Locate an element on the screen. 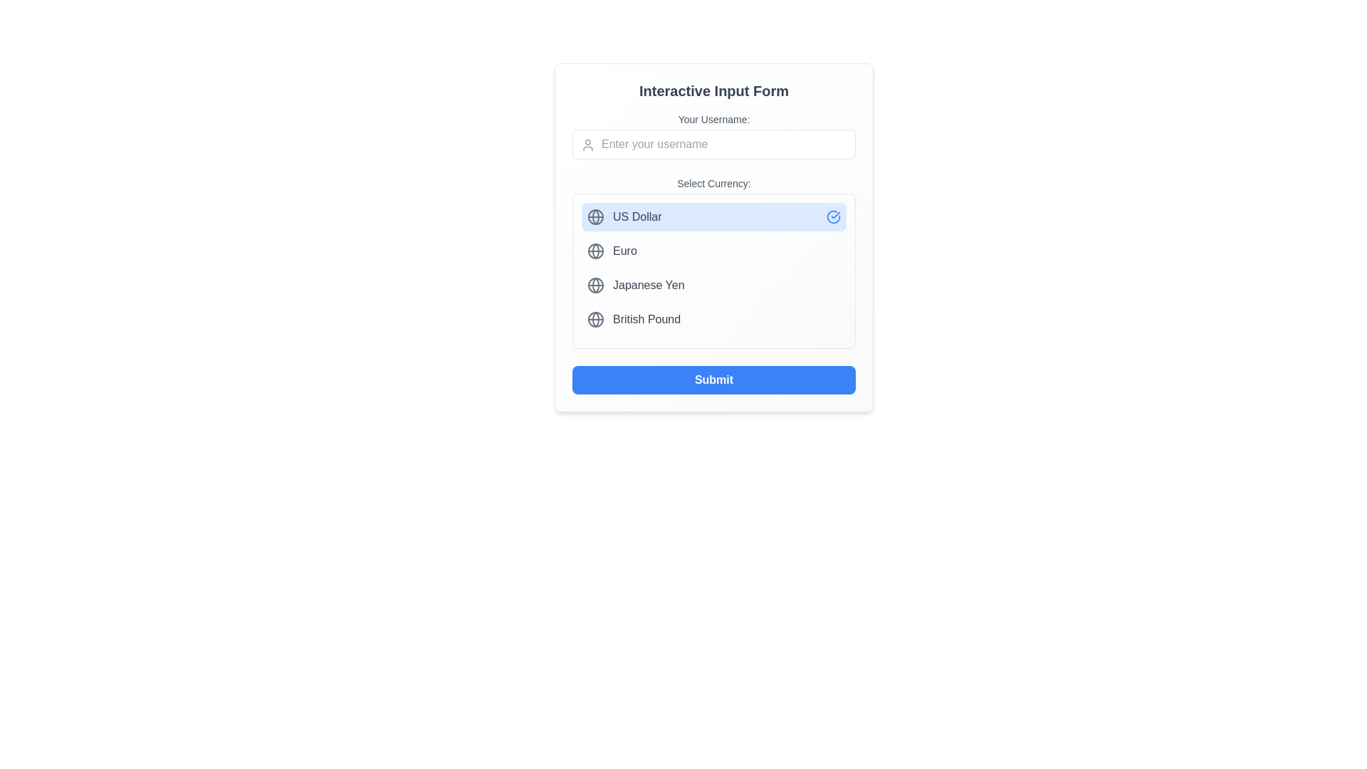  the 'Submit' button located at the bottom of the form to process the form inputs is located at coordinates (714, 379).